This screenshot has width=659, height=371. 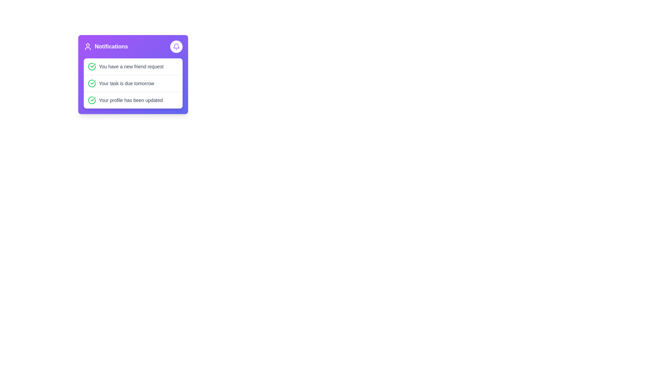 What do you see at coordinates (93, 82) in the screenshot?
I see `the green checkmark icon indicating approval or completion within the notification interface` at bounding box center [93, 82].